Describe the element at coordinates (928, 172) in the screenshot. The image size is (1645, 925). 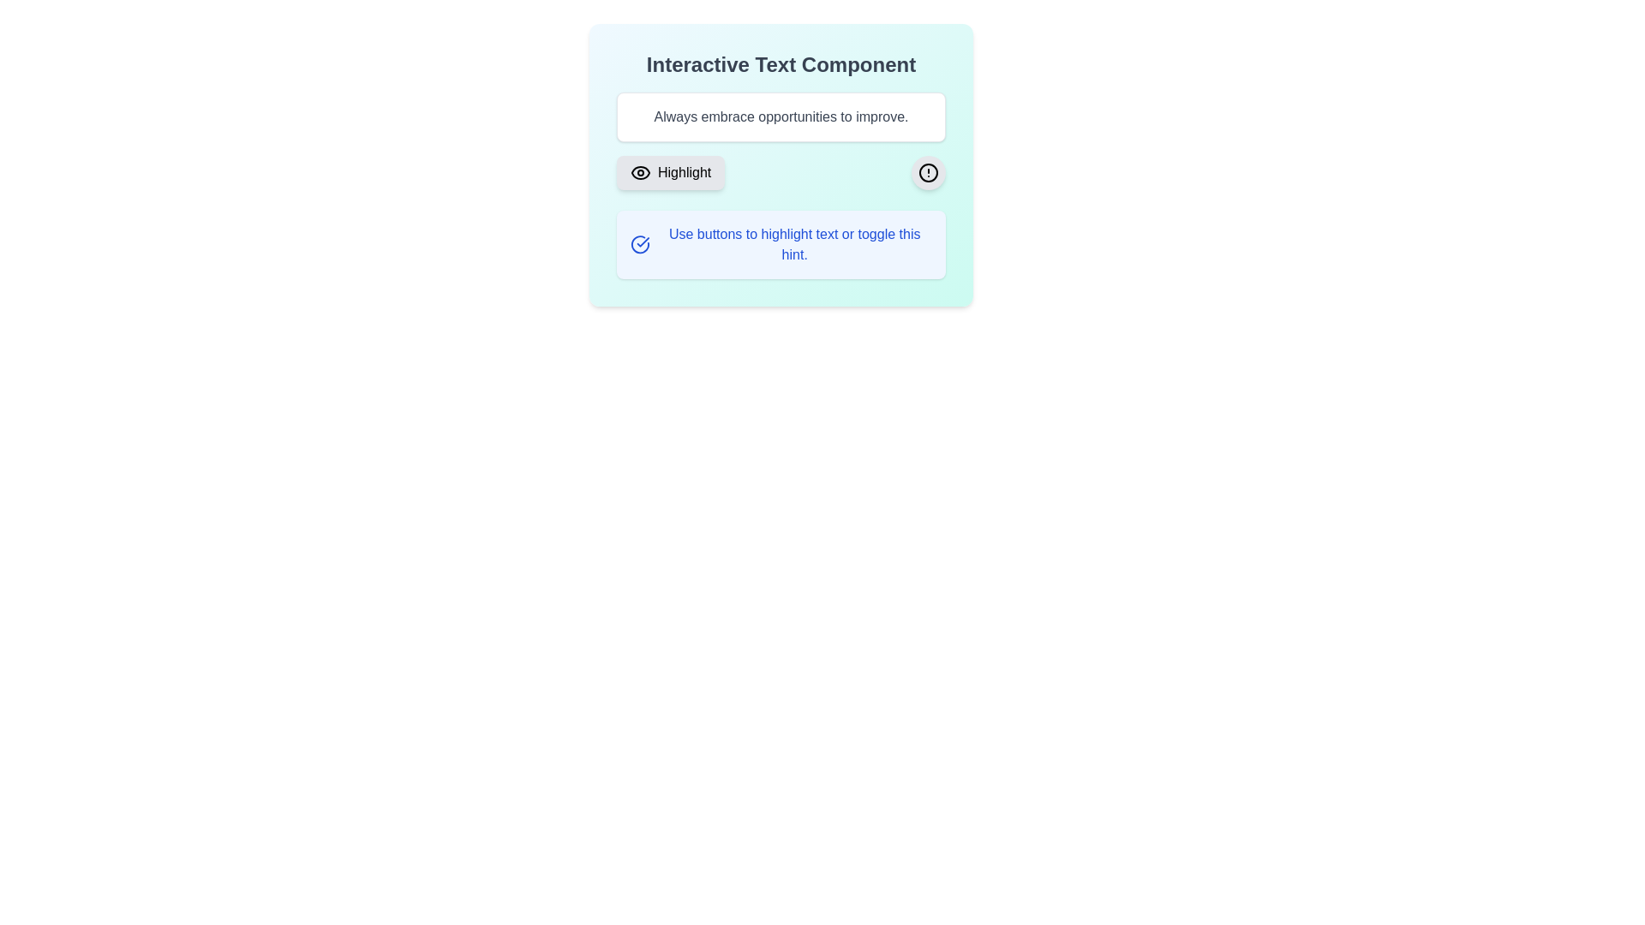
I see `the circular black alert icon with an exclamation mark, located to the right of the 'Highlight' button within the light blue panel` at that location.